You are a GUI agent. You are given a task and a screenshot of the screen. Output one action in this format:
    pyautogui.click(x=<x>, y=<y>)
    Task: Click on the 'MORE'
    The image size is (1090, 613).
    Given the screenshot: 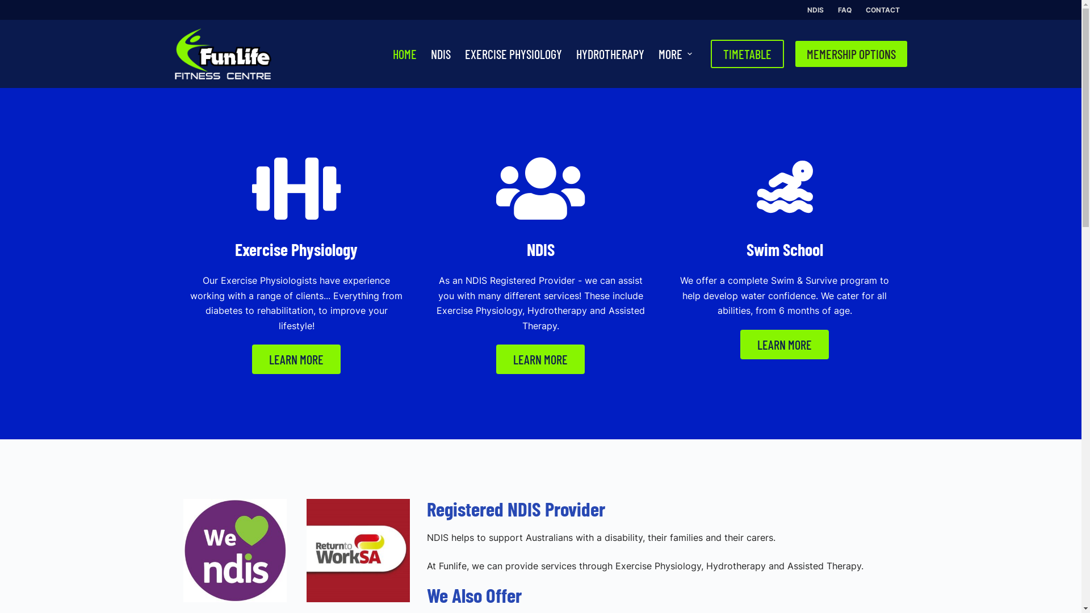 What is the action you would take?
    pyautogui.click(x=675, y=54)
    